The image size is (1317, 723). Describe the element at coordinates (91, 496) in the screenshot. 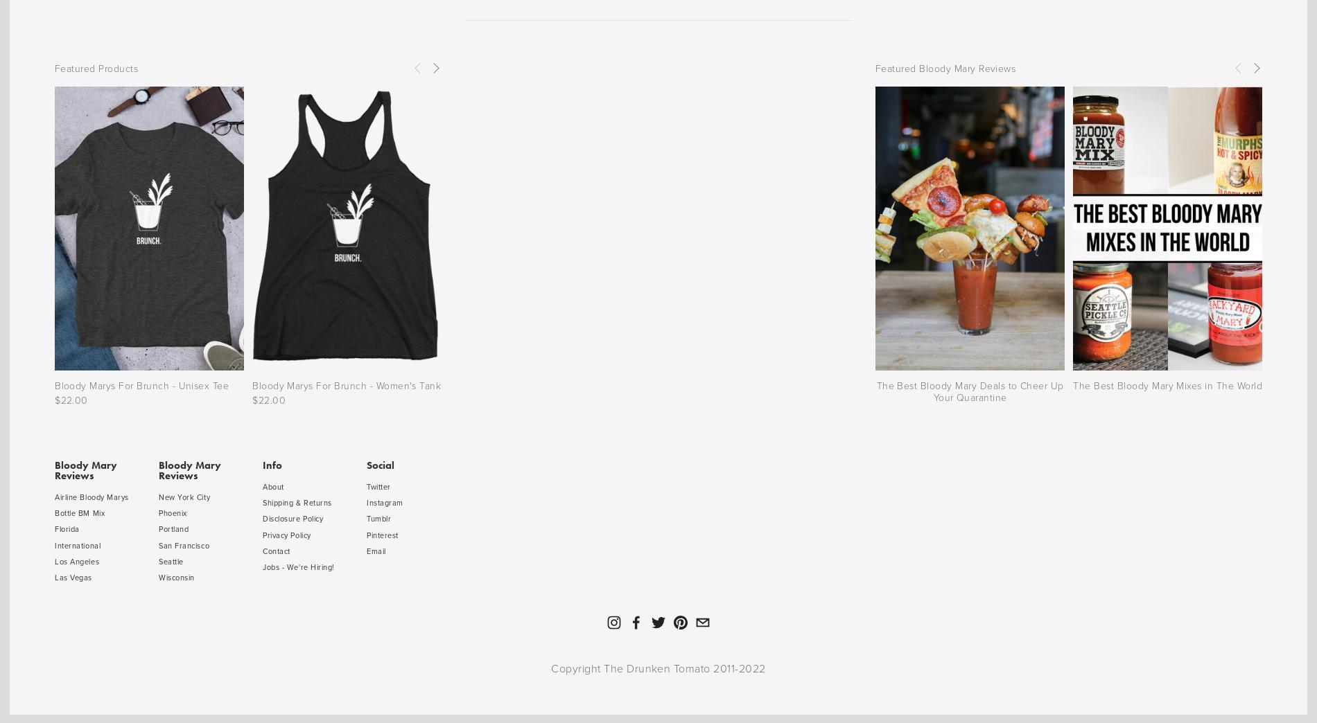

I see `'Airline Bloody Marys'` at that location.